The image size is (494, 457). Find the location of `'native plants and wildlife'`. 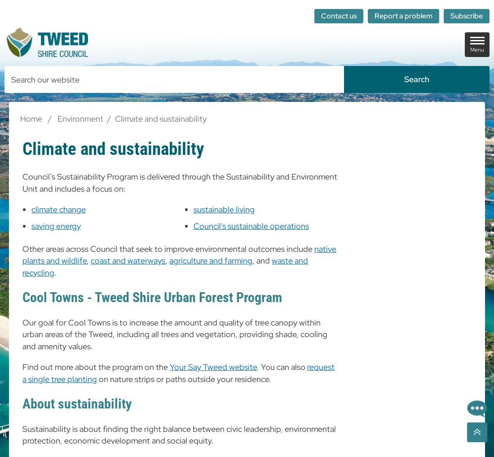

'native plants and wildlife' is located at coordinates (179, 255).